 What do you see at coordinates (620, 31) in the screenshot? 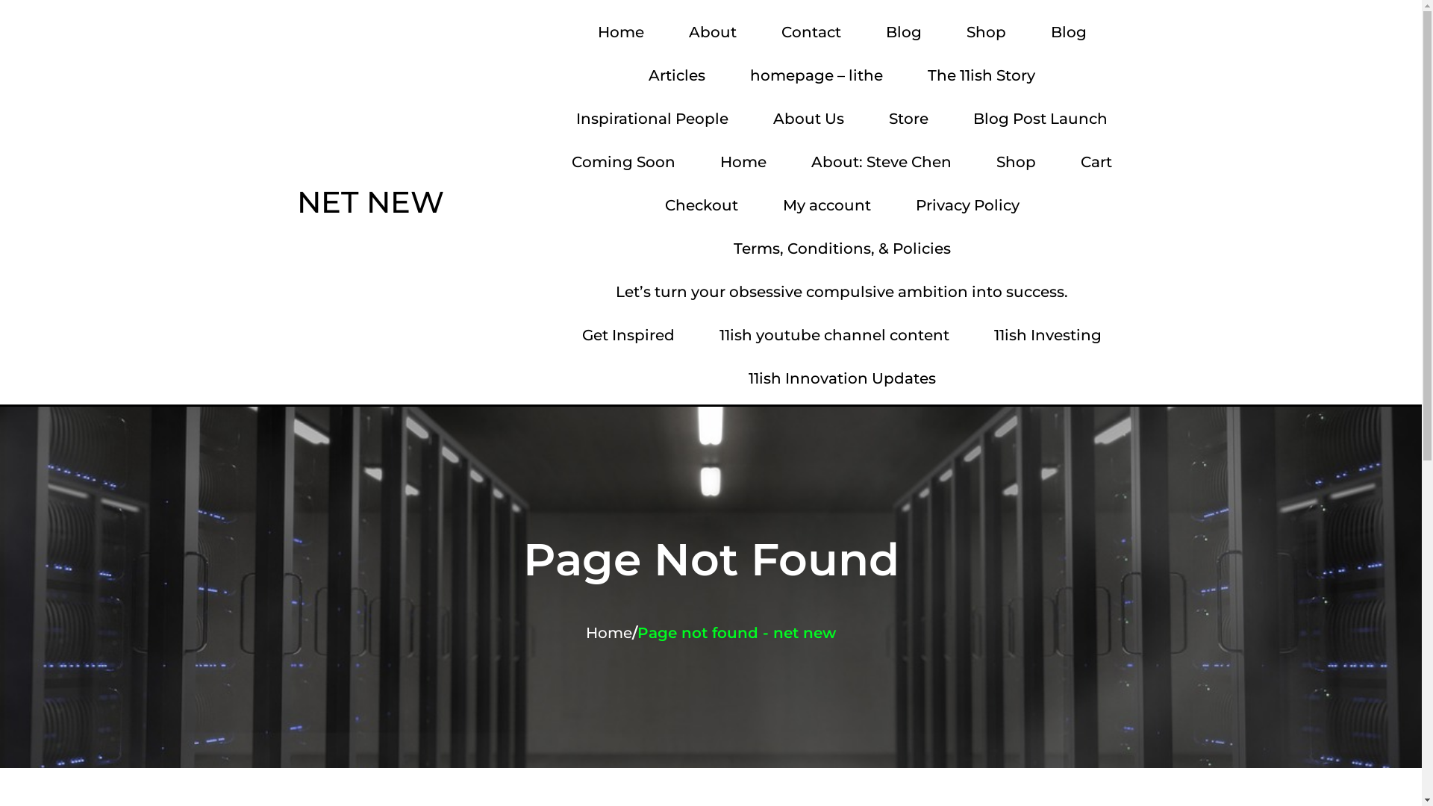
I see `'Home'` at bounding box center [620, 31].